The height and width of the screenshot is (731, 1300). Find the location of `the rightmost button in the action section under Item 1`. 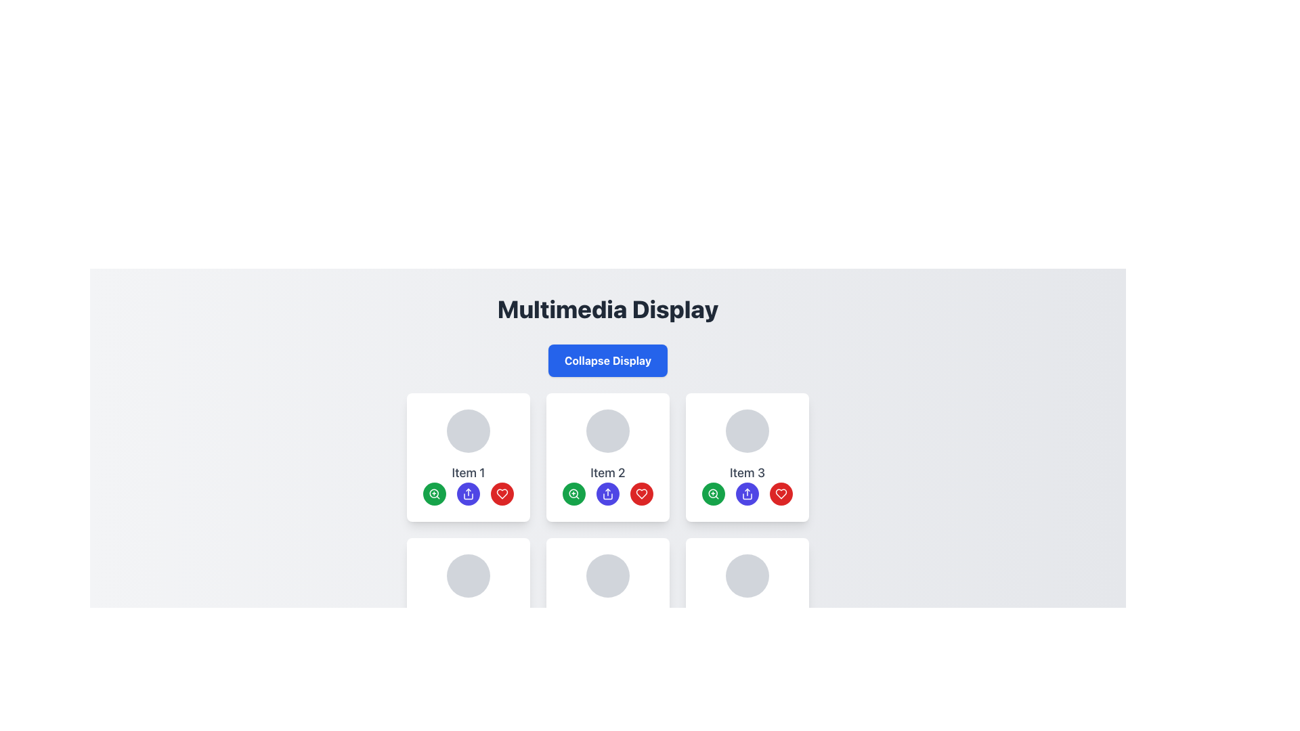

the rightmost button in the action section under Item 1 is located at coordinates (502, 493).